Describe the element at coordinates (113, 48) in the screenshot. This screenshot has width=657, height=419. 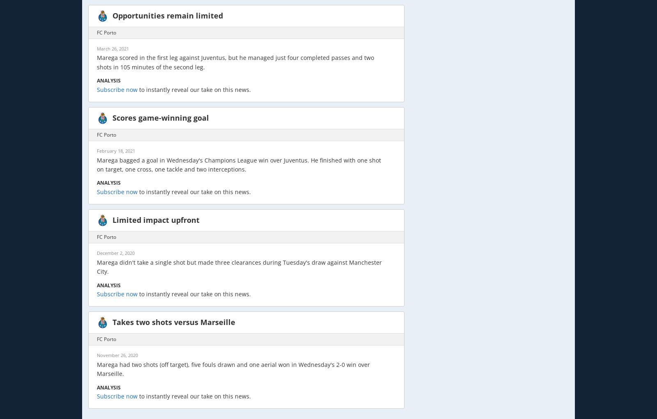
I see `'March 26, 2021'` at that location.